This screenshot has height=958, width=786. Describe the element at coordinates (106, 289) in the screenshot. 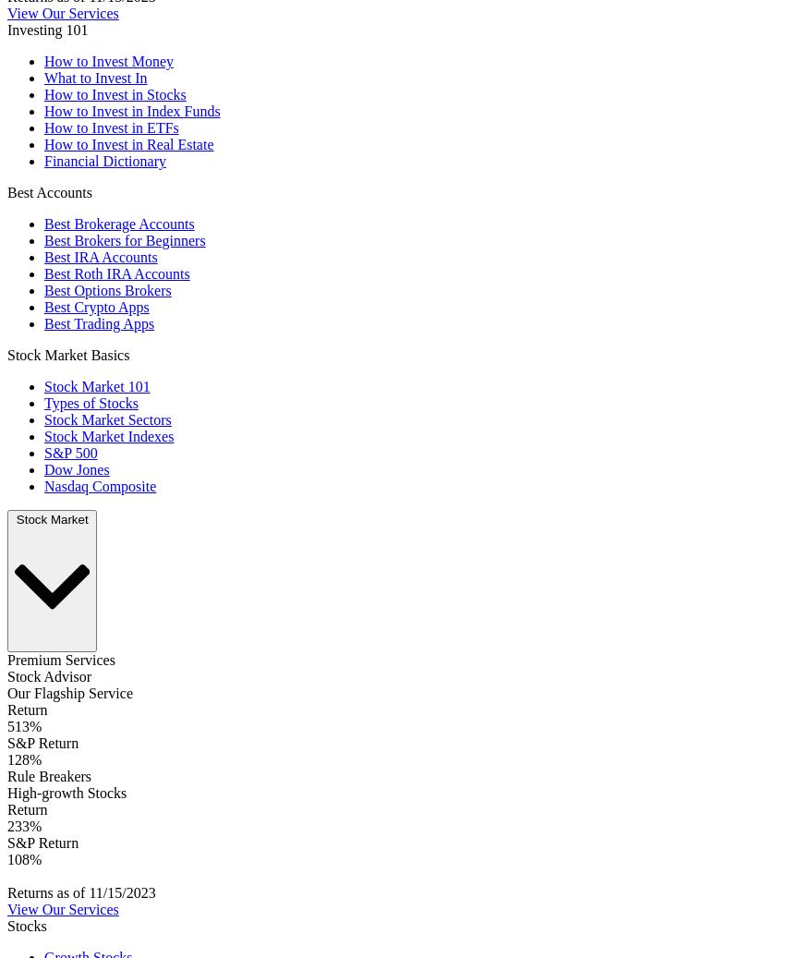

I see `'Best Options Brokers'` at that location.